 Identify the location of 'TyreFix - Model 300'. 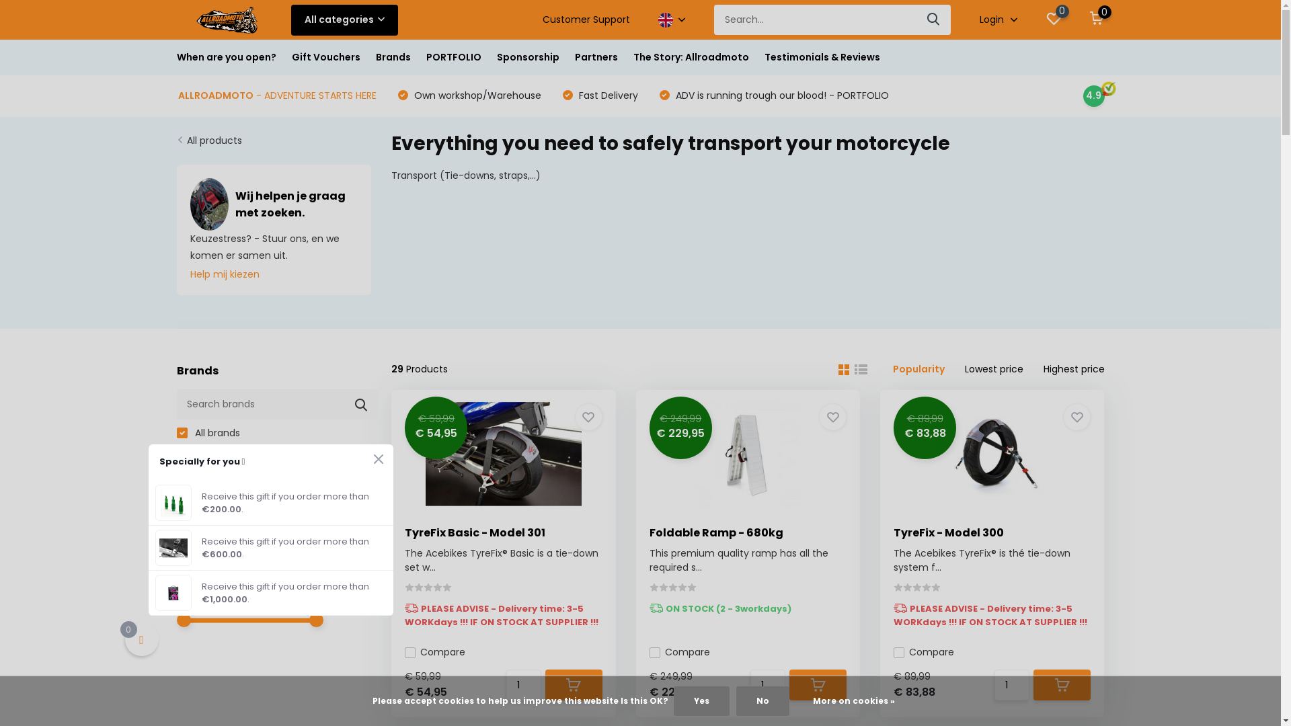
(948, 532).